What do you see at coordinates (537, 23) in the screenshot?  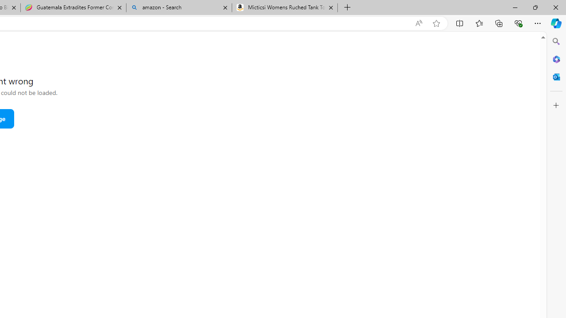 I see `'Settings and more (Alt+F)'` at bounding box center [537, 23].